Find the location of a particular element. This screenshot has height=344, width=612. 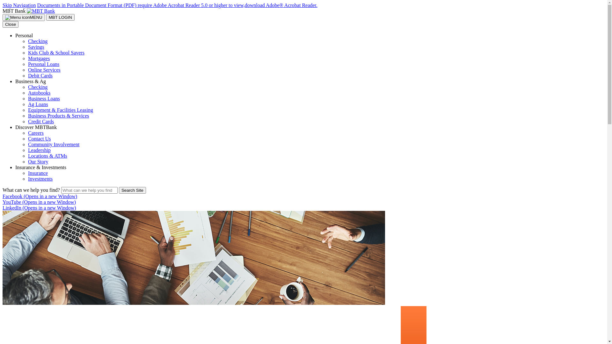

'Mortgages' is located at coordinates (27, 58).